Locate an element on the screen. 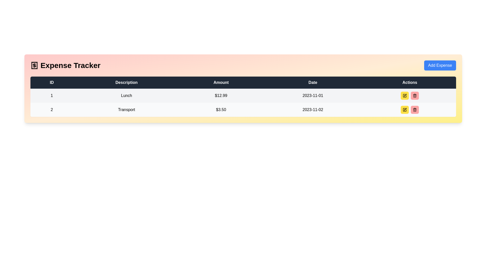  the edit button located in the 'Actions' column of the first row in the data table is located at coordinates (405, 96).